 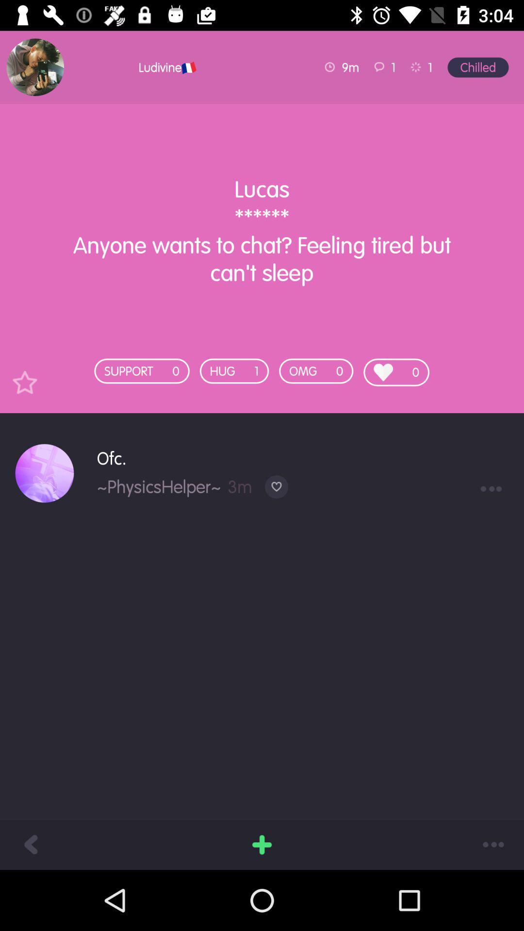 What do you see at coordinates (302, 458) in the screenshot?
I see `the ofc.` at bounding box center [302, 458].